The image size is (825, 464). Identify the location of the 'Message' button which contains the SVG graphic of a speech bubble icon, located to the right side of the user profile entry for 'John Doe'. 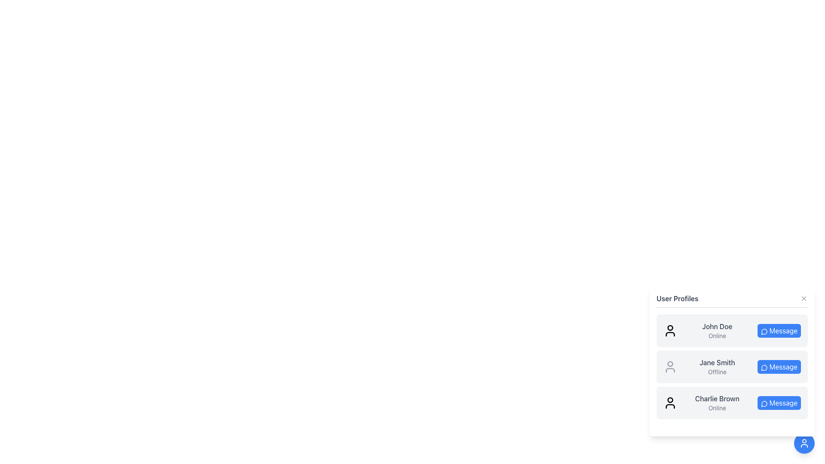
(764, 331).